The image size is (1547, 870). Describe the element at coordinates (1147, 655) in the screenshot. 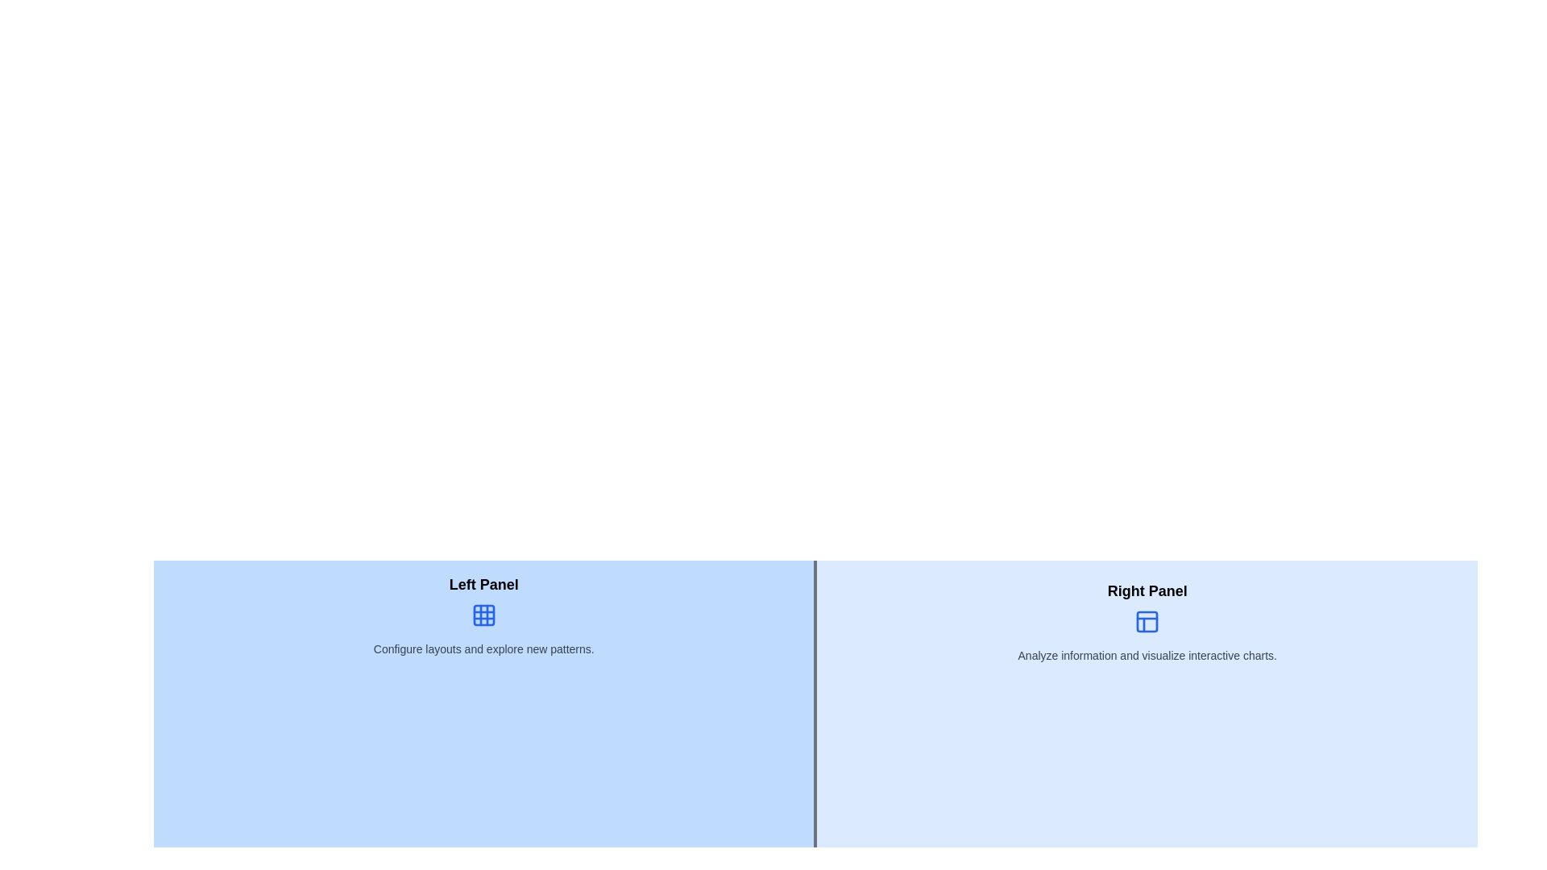

I see `text content of the text label styled with 'text-sm mt-4 text-gray-700 text-center' displaying 'Analyze information and visualize interactive charts.'` at that location.